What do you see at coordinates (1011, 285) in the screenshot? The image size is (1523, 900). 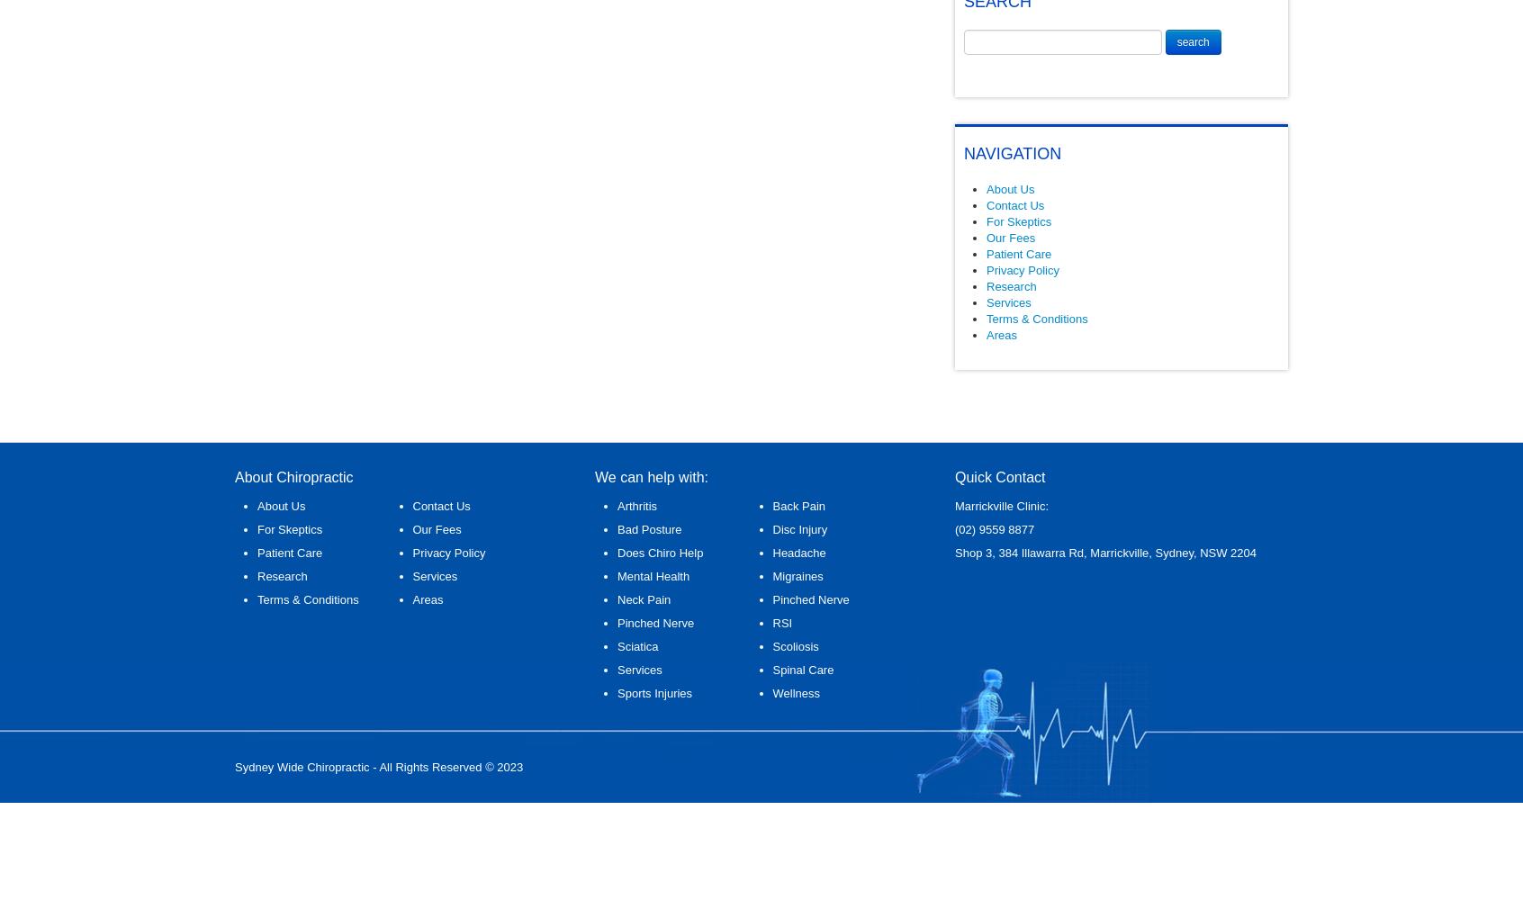 I see `'Research'` at bounding box center [1011, 285].